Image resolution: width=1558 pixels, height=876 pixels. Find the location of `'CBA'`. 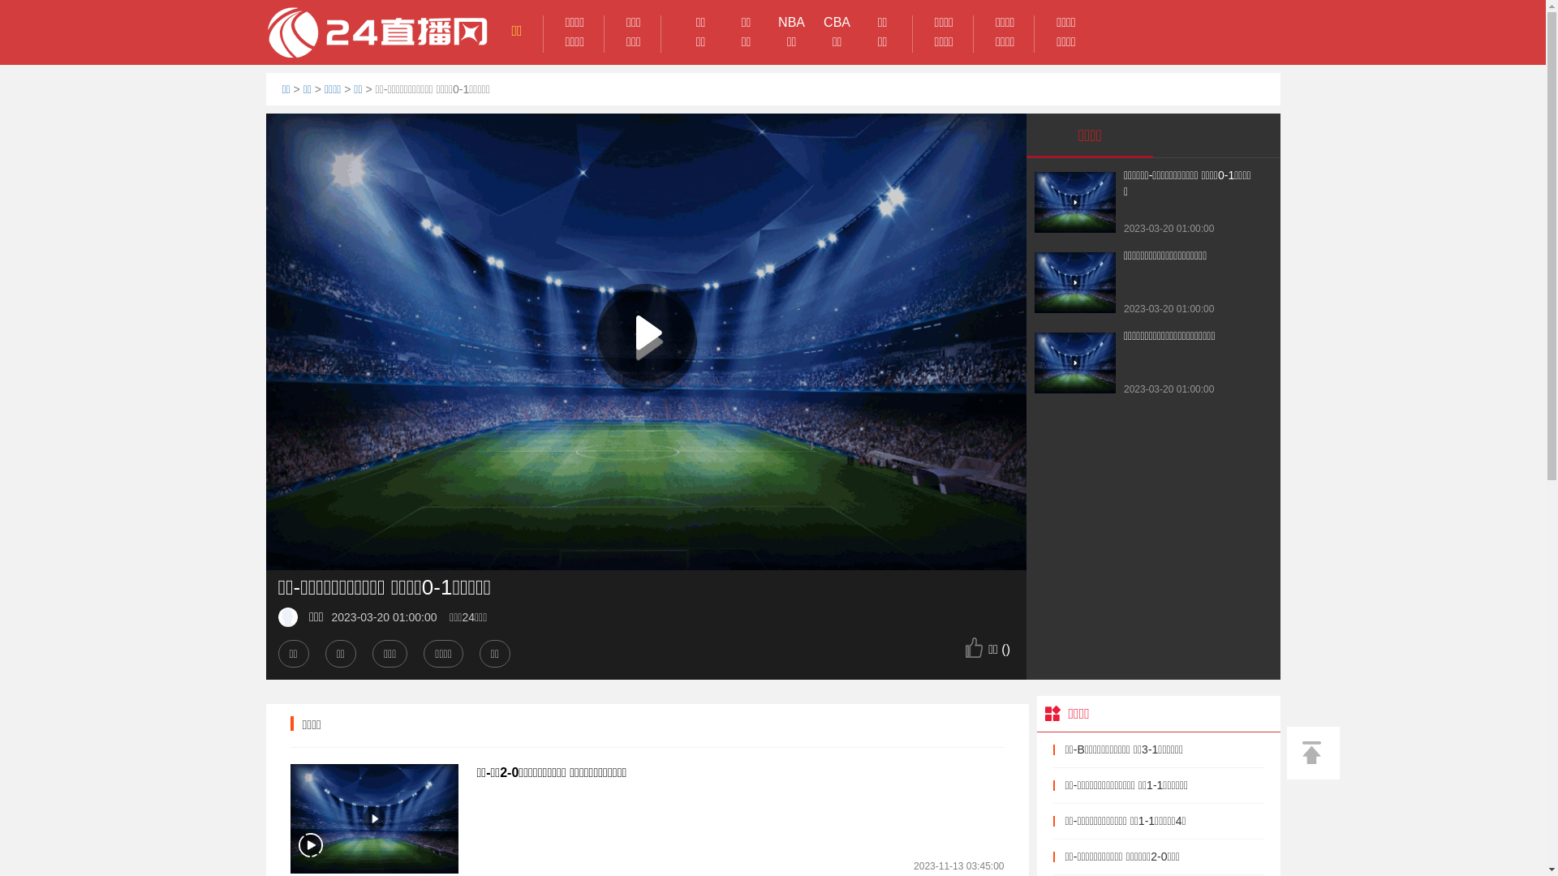

'CBA' is located at coordinates (814, 22).